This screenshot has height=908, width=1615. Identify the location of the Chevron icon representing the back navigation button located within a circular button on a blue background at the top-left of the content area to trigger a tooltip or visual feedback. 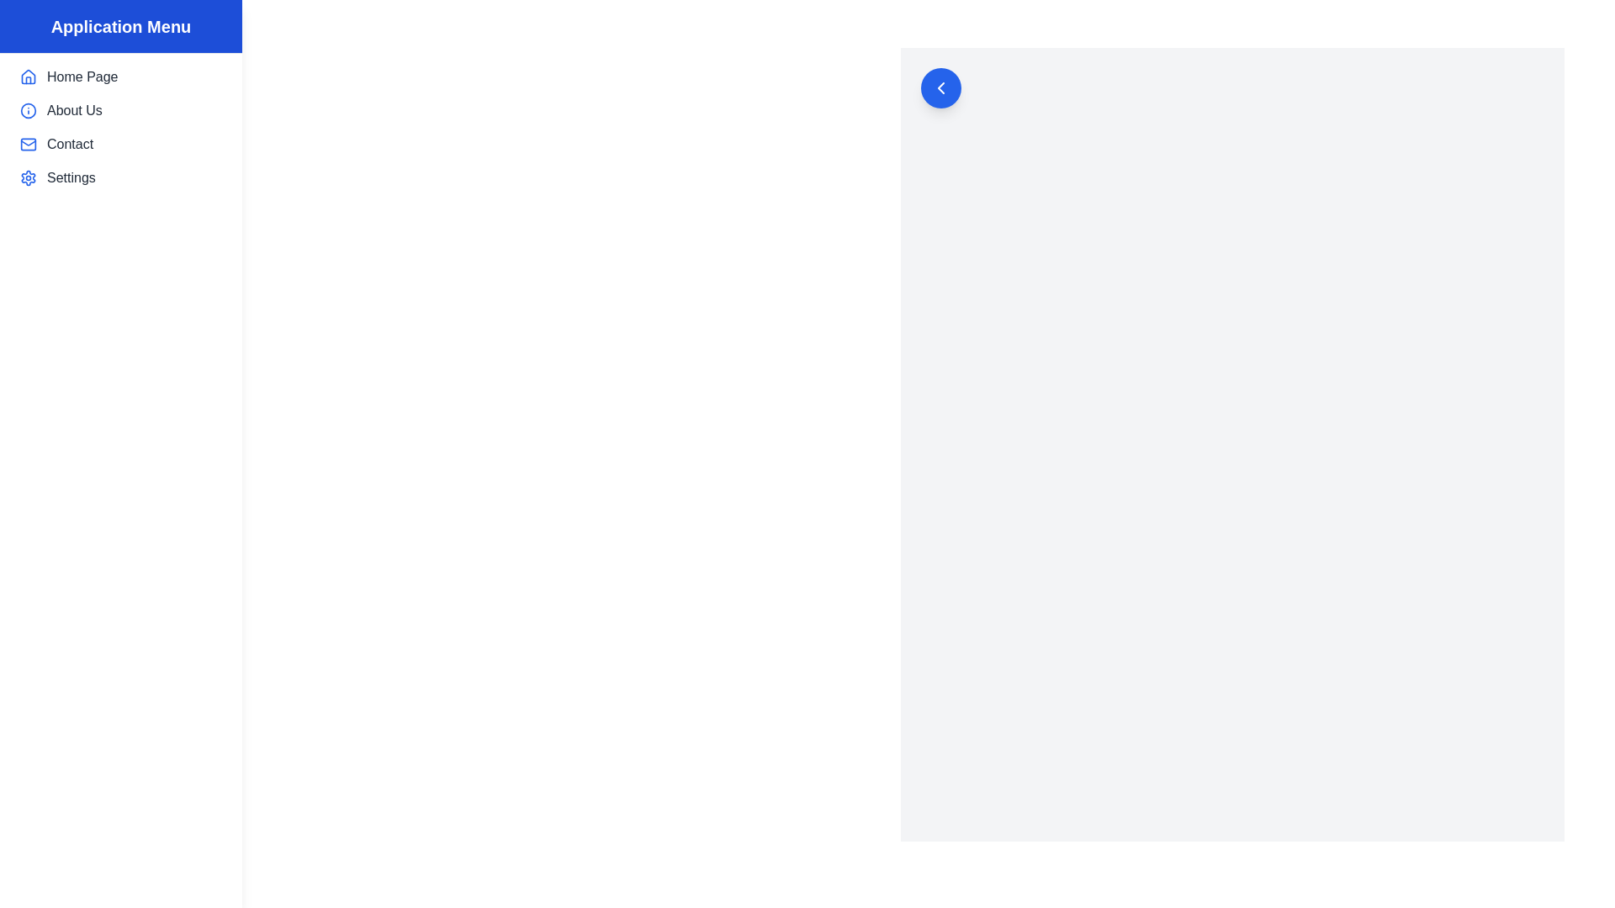
(940, 87).